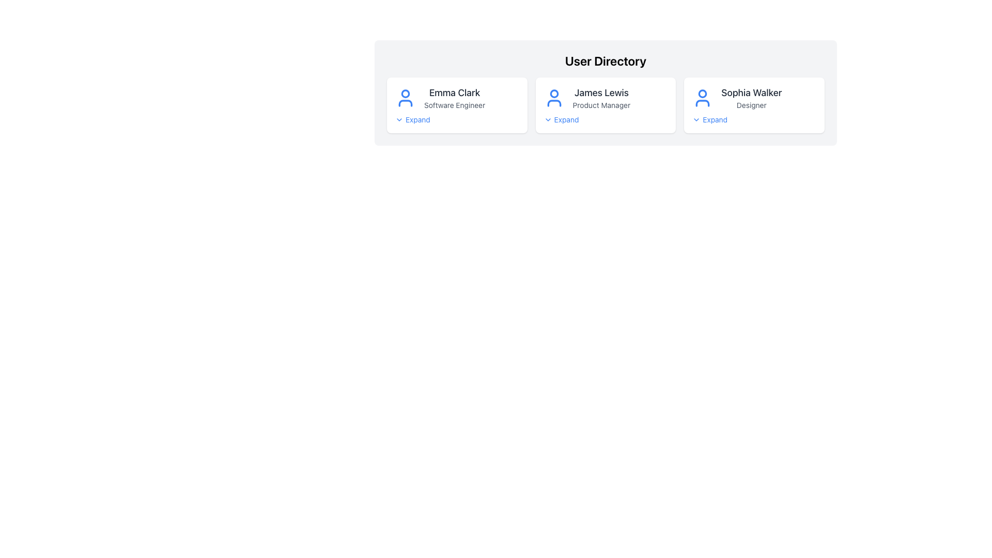 The height and width of the screenshot is (558, 992). What do you see at coordinates (405, 98) in the screenshot?
I see `the Profile Icon, which is a blue user outline located at the top-left corner of the user card for 'Emma Clark, Software Engineer.'` at bounding box center [405, 98].